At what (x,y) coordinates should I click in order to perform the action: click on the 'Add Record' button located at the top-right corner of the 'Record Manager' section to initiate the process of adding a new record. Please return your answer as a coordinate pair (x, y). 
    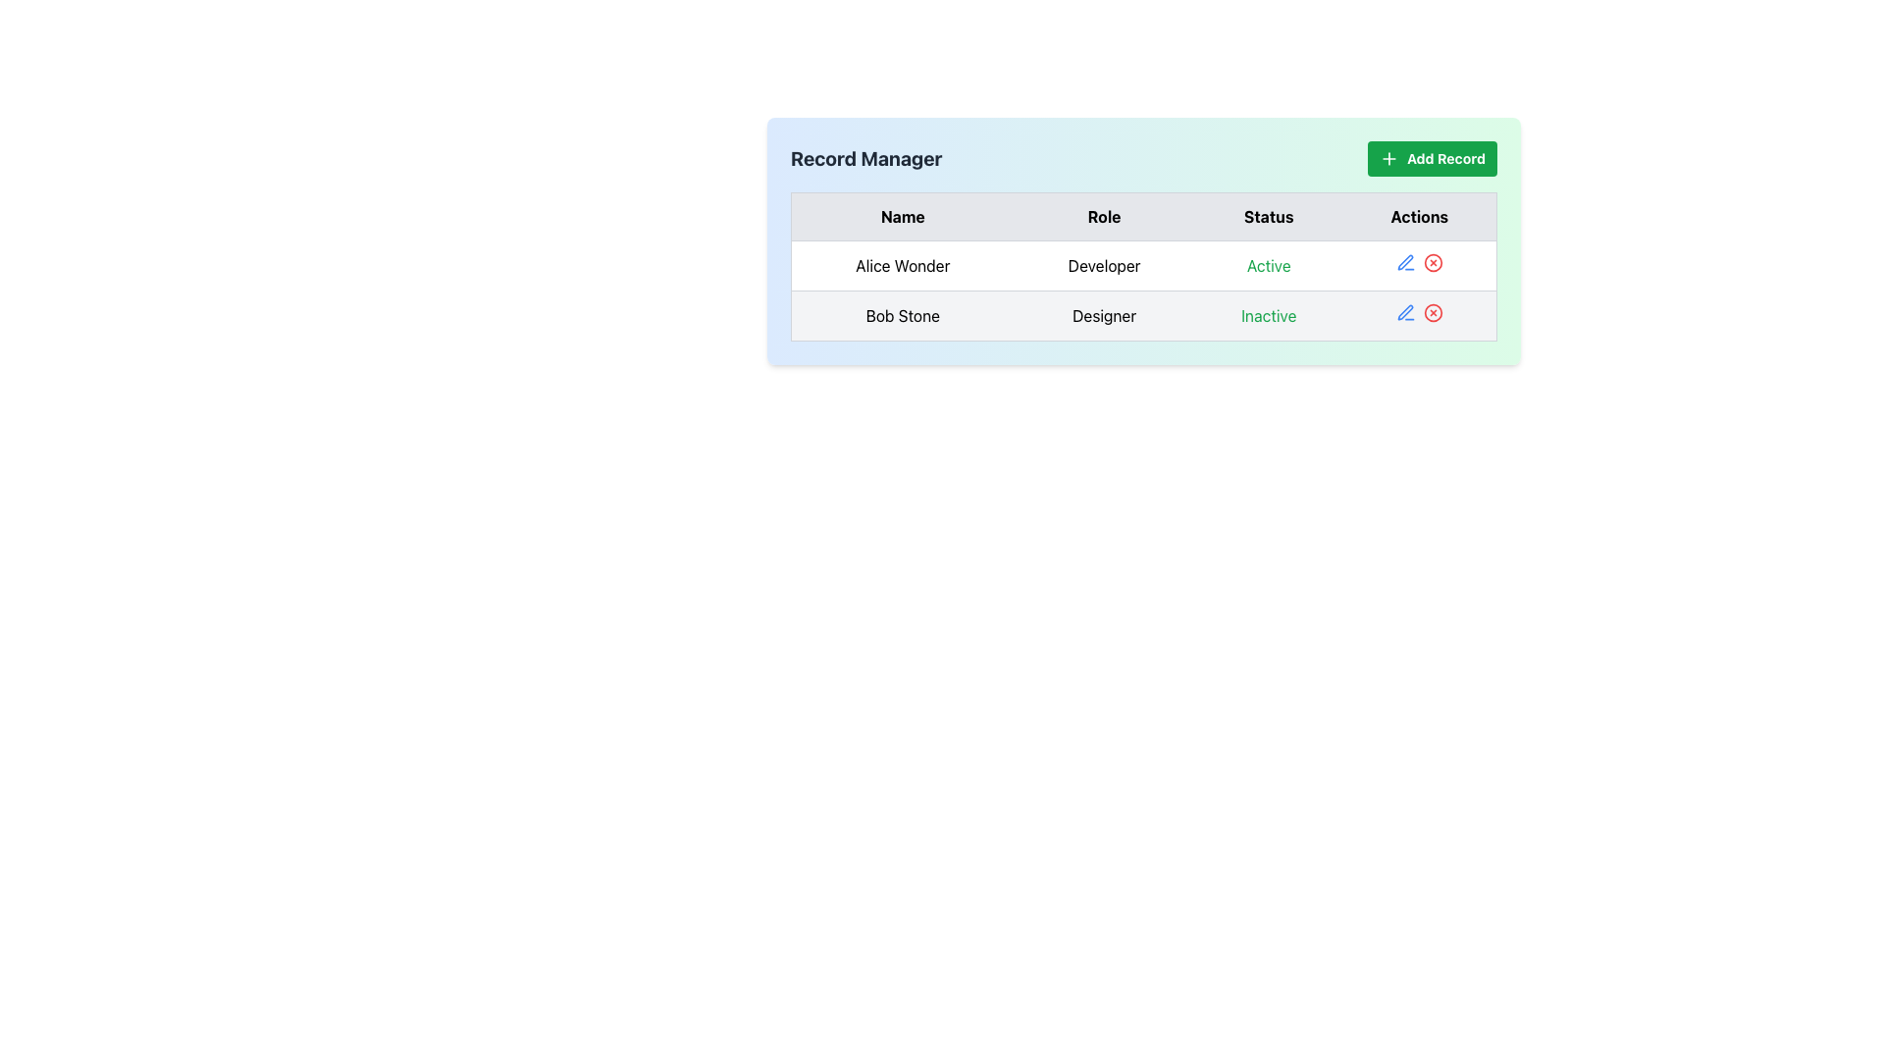
    Looking at the image, I should click on (1432, 158).